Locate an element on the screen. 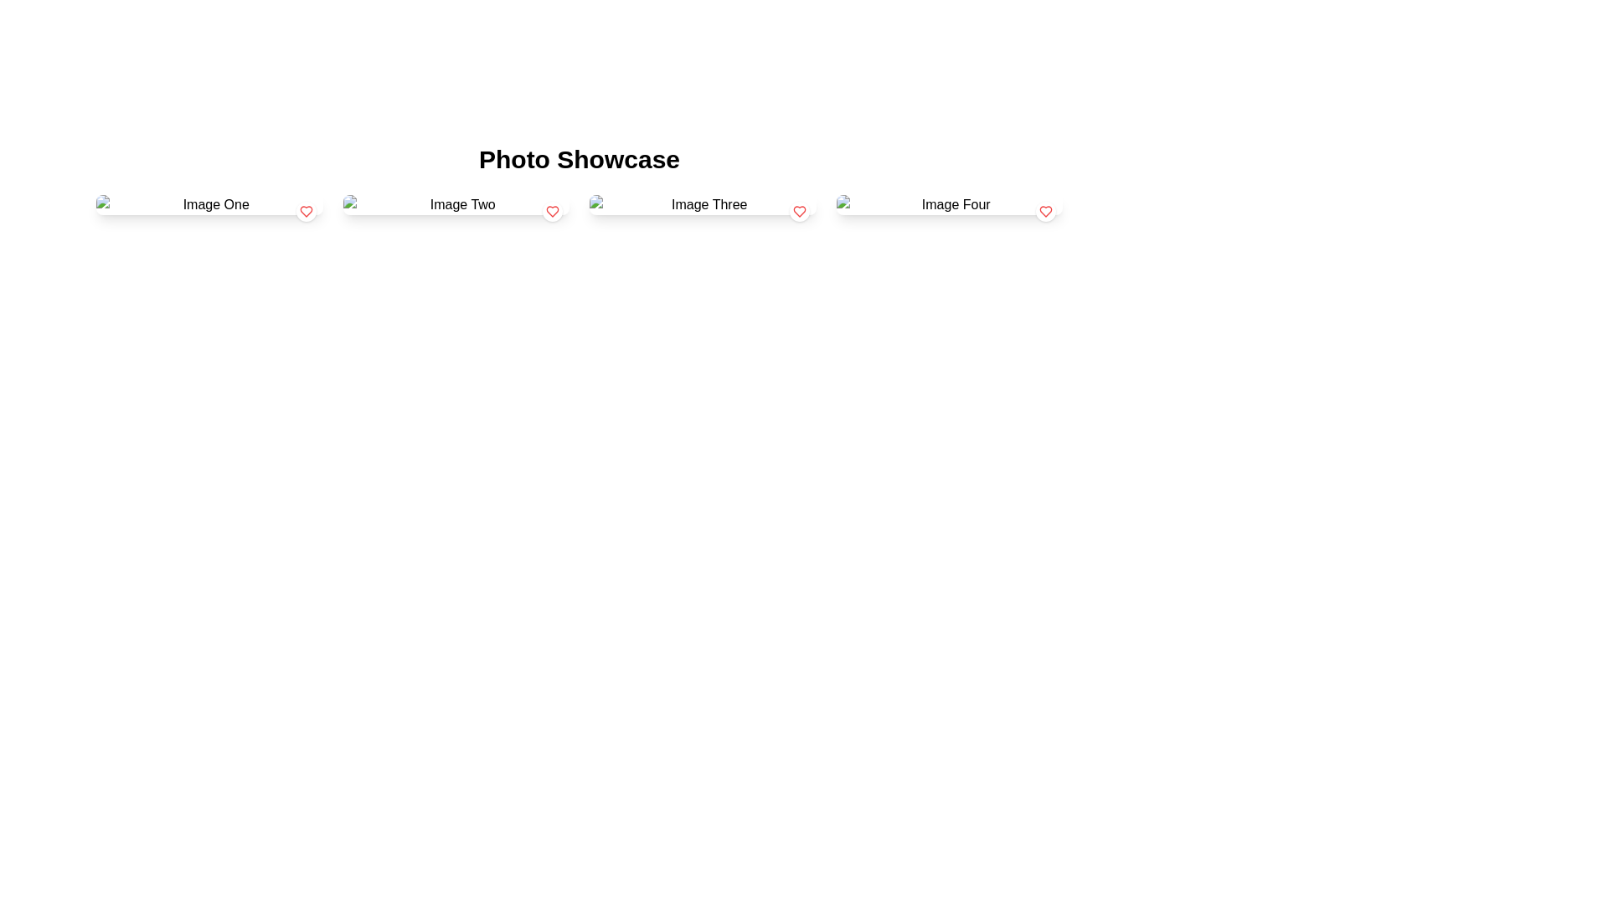  the 'like' or 'favorite' button located in the top-right corner of the thumbnail for 'Image One' is located at coordinates (306, 211).